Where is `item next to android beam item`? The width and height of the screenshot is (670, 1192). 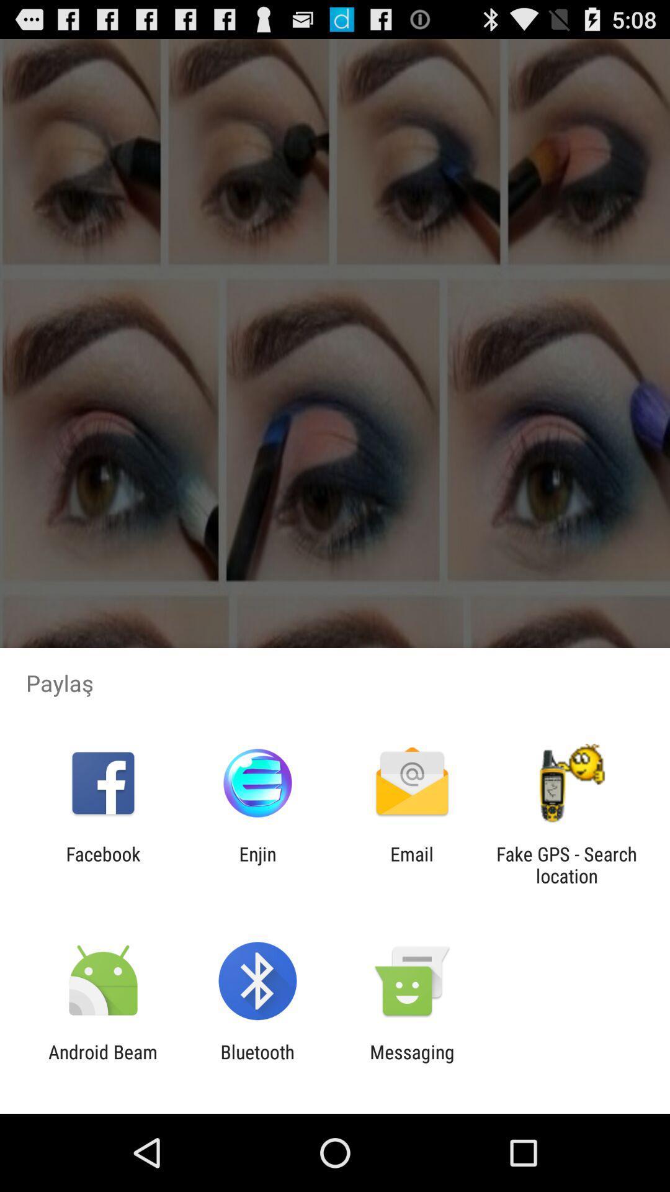
item next to android beam item is located at coordinates (257, 1062).